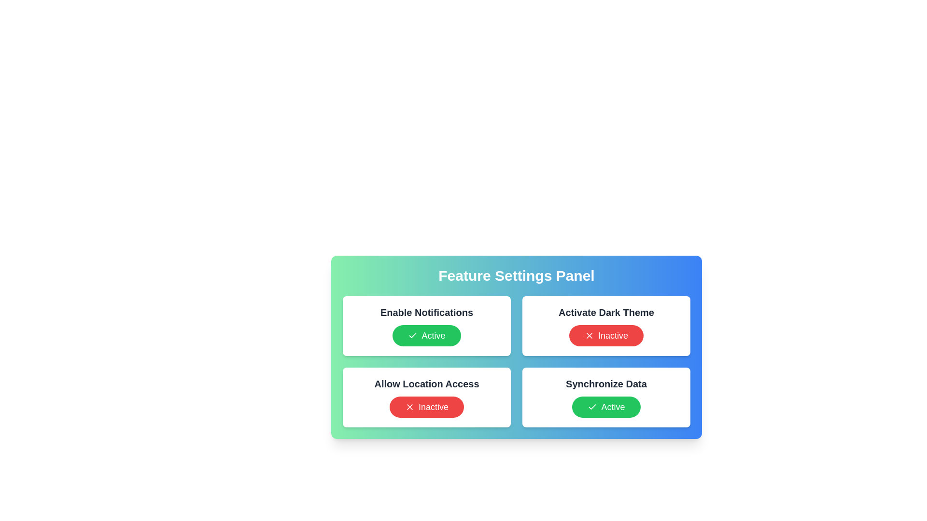 The width and height of the screenshot is (927, 521). What do you see at coordinates (426, 407) in the screenshot?
I see `the button corresponding to Allow Location Access to toggle its state` at bounding box center [426, 407].